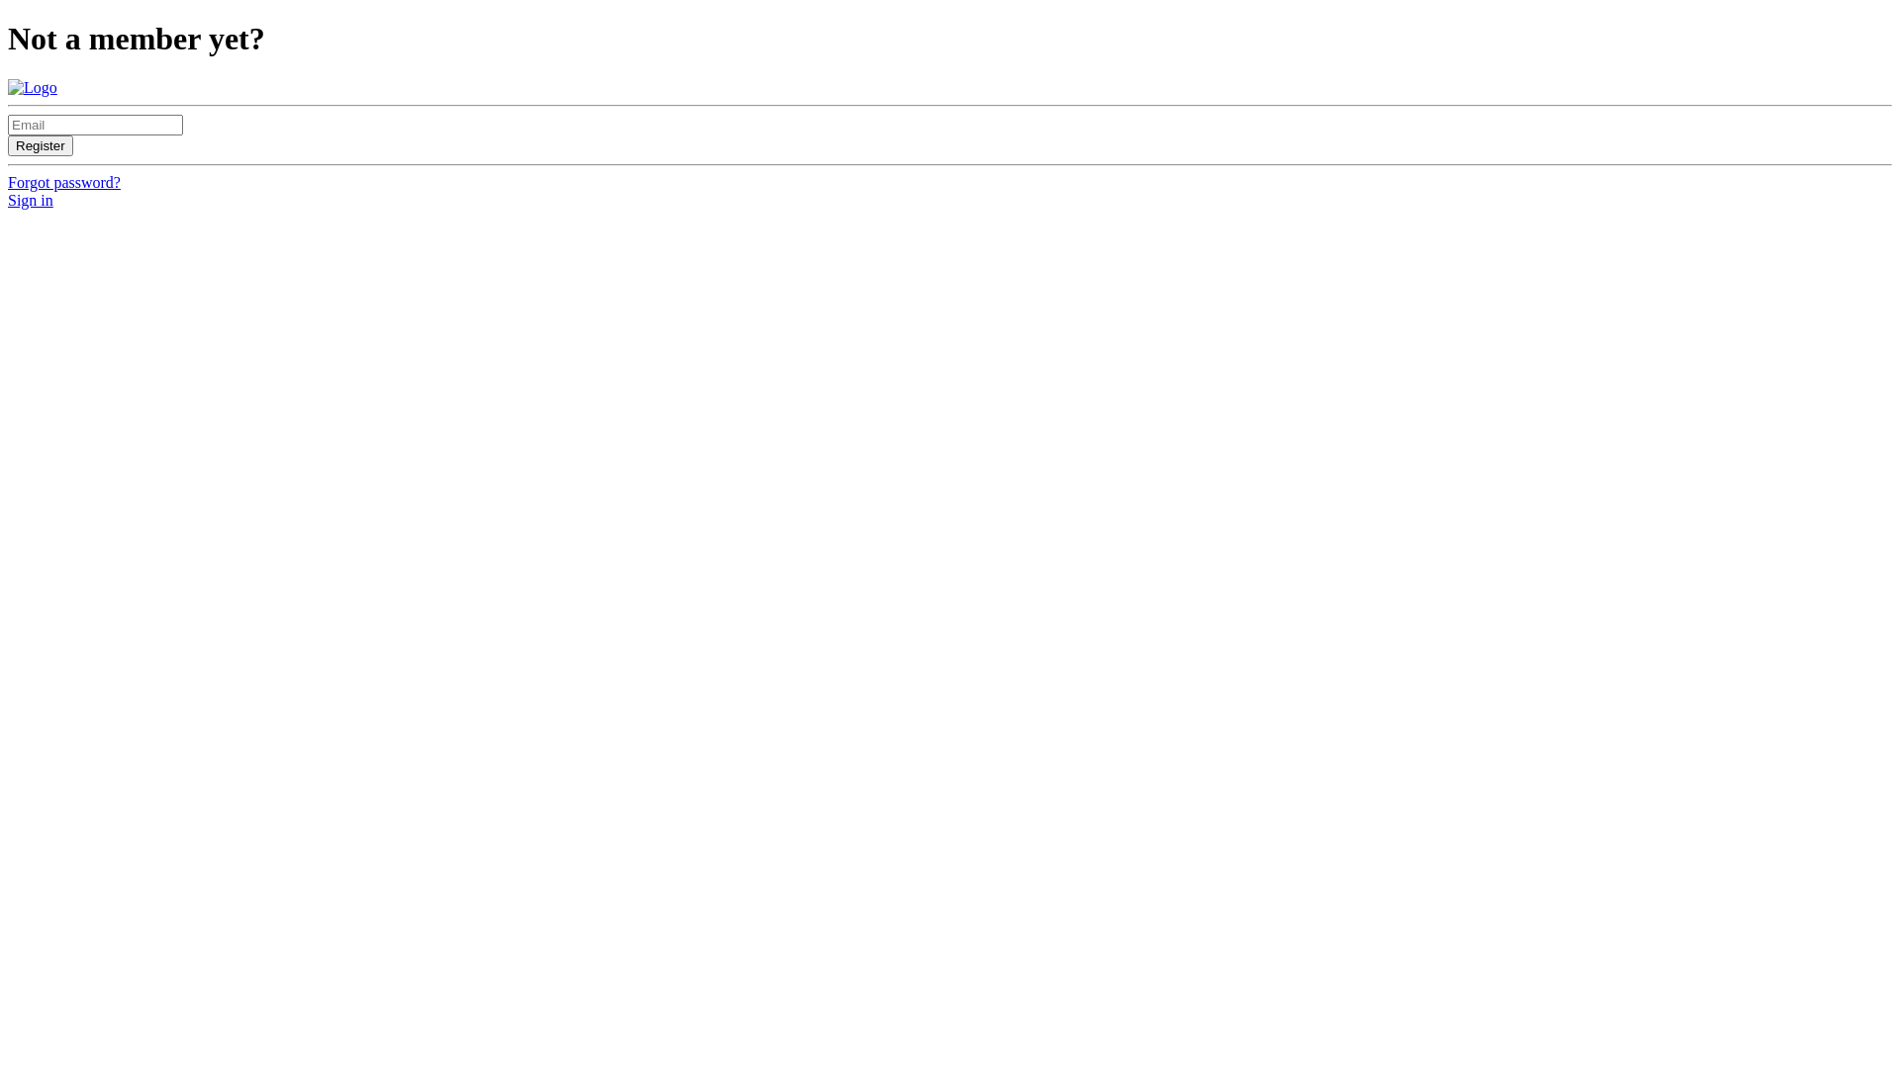 This screenshot has width=1900, height=1068. Describe the element at coordinates (30, 200) in the screenshot. I see `'Sign in'` at that location.